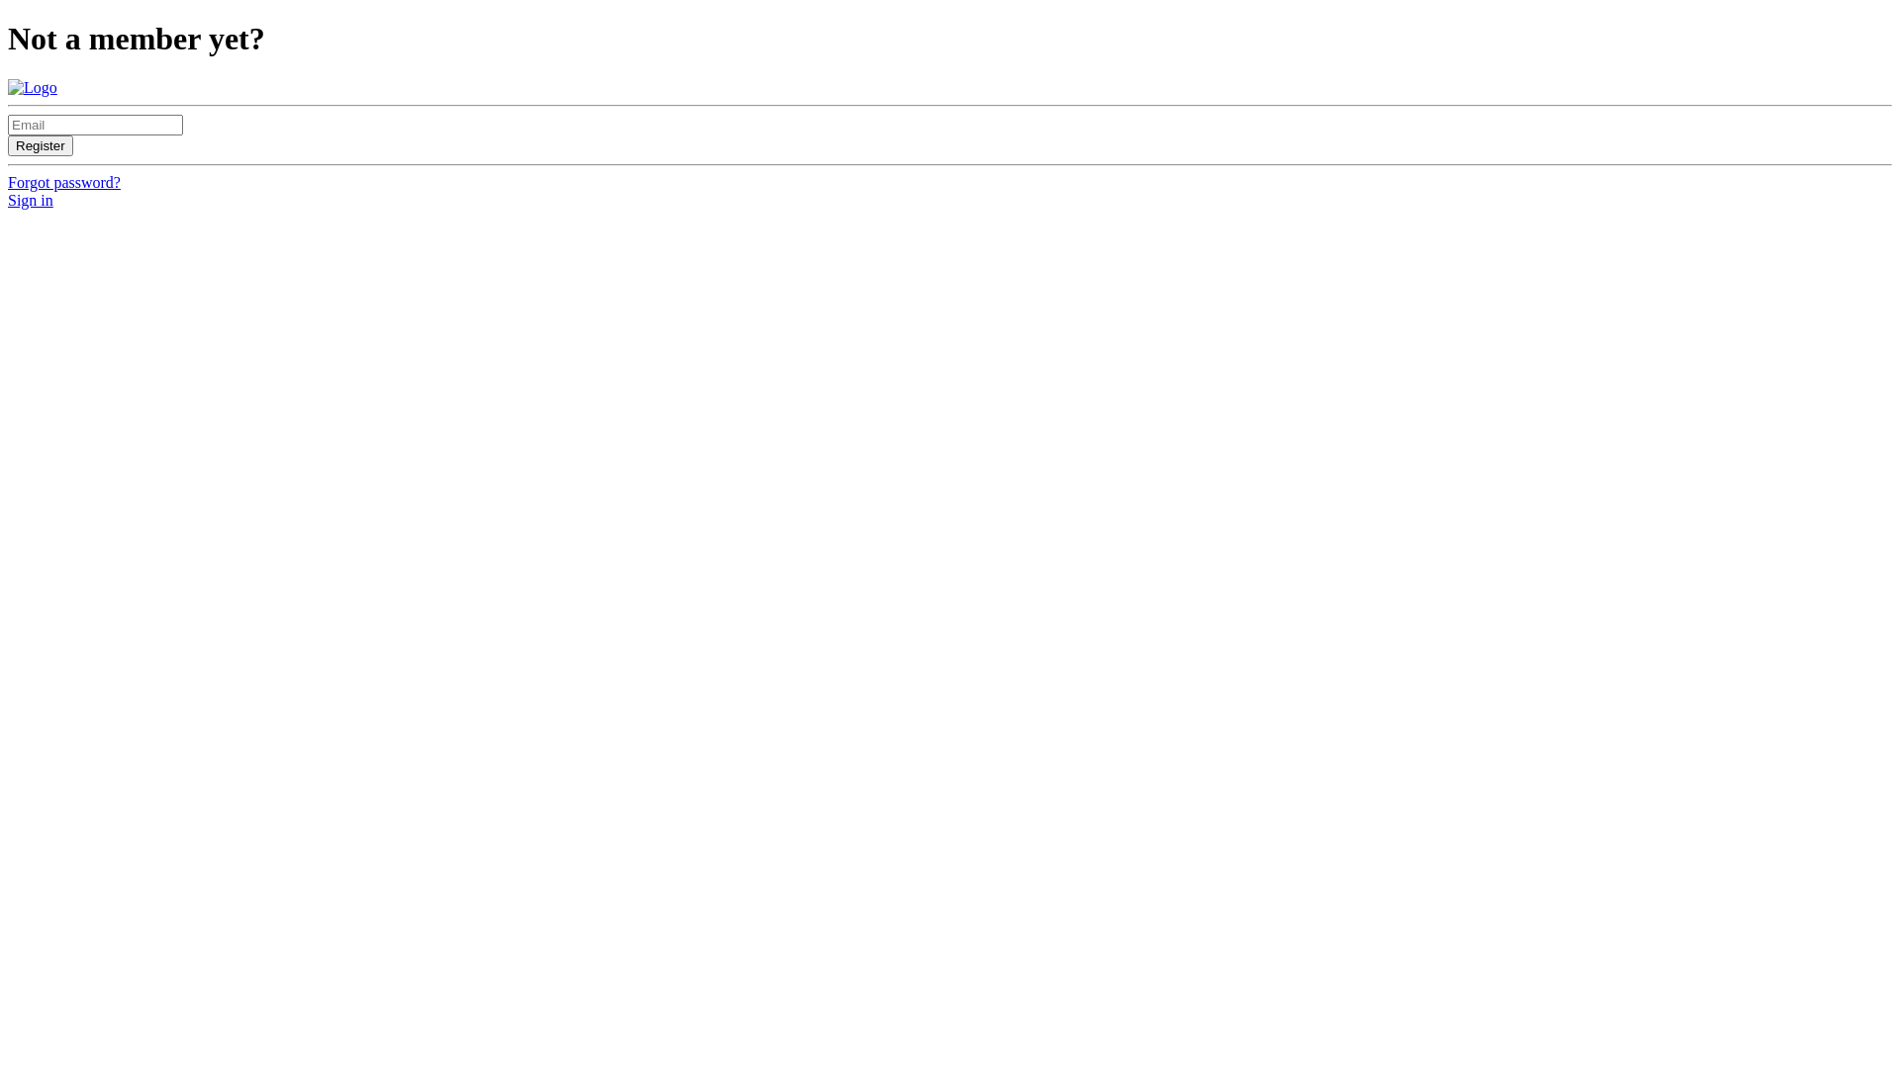 This screenshot has width=1900, height=1068. Describe the element at coordinates (30, 200) in the screenshot. I see `'Sign in'` at that location.